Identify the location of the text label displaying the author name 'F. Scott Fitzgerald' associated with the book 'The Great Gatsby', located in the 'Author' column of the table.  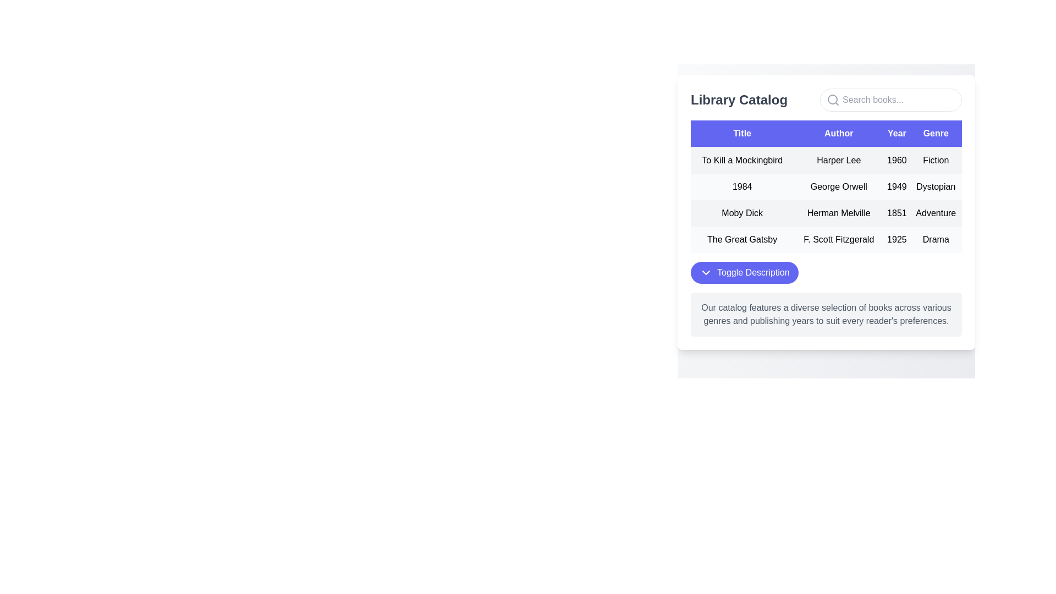
(838, 239).